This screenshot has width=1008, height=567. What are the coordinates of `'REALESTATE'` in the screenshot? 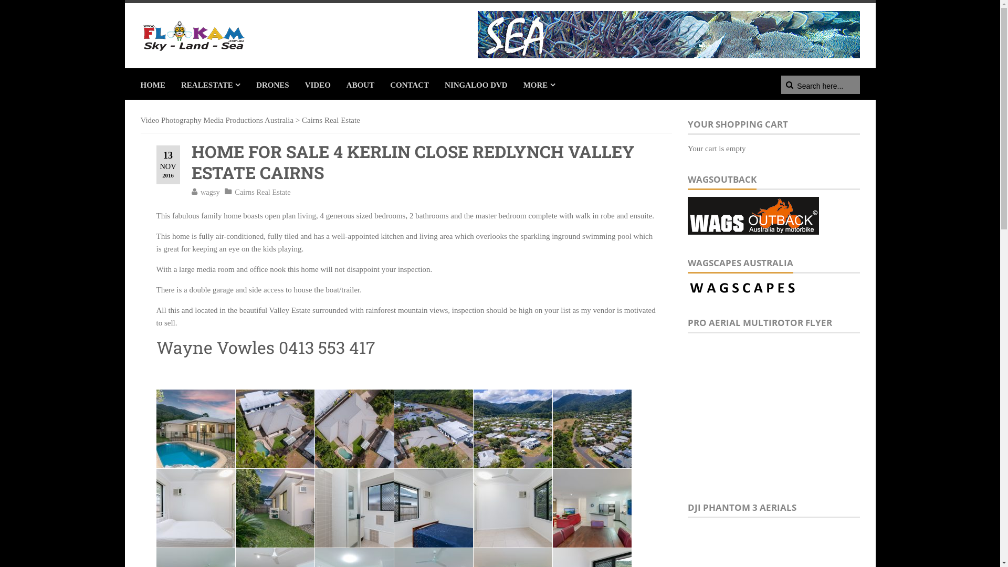 It's located at (210, 83).